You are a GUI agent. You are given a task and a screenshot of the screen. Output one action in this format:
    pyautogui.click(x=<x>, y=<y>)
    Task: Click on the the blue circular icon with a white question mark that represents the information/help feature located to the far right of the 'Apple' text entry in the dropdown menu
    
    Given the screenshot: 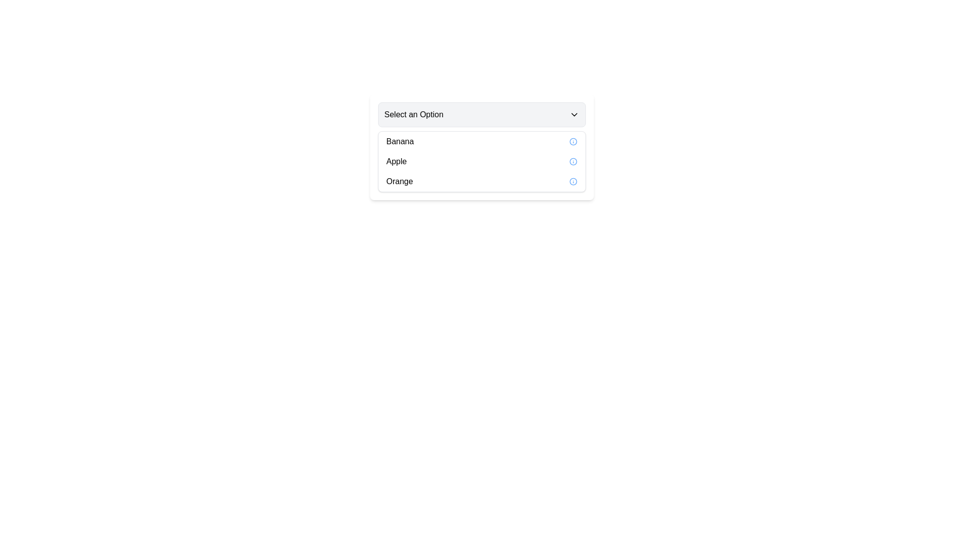 What is the action you would take?
    pyautogui.click(x=573, y=161)
    